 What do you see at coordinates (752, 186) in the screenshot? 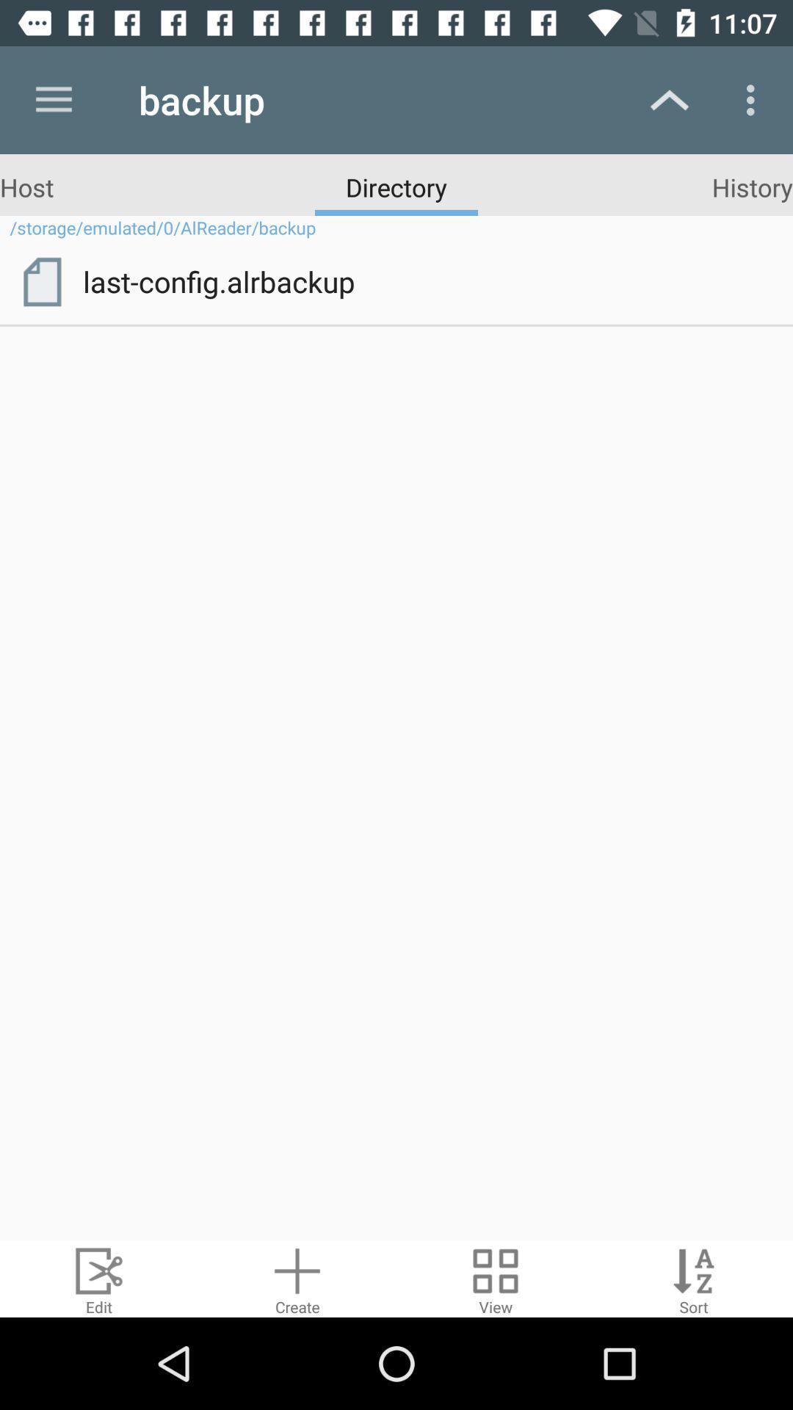
I see `item next to the directory item` at bounding box center [752, 186].